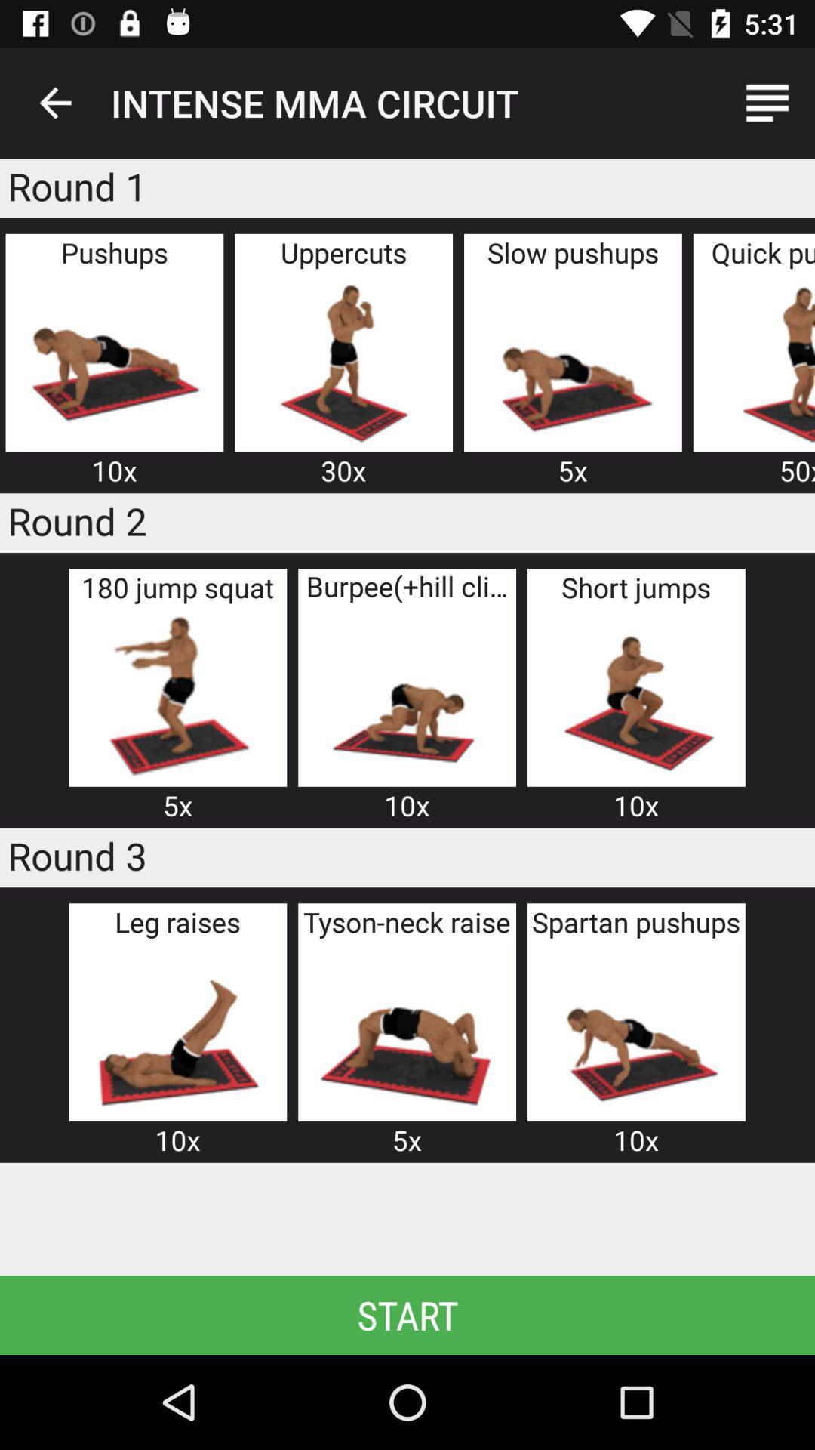  I want to click on image of person doing uppercuts motions, so click(343, 360).